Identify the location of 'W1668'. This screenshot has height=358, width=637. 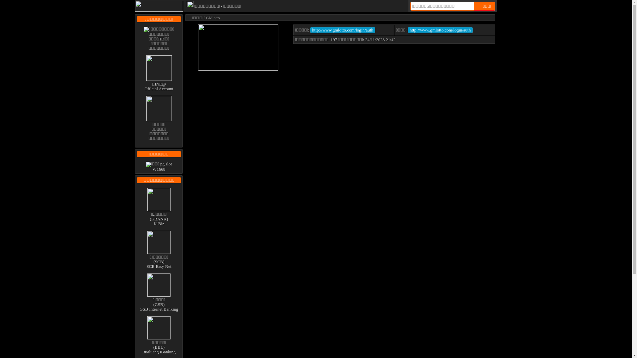
(159, 166).